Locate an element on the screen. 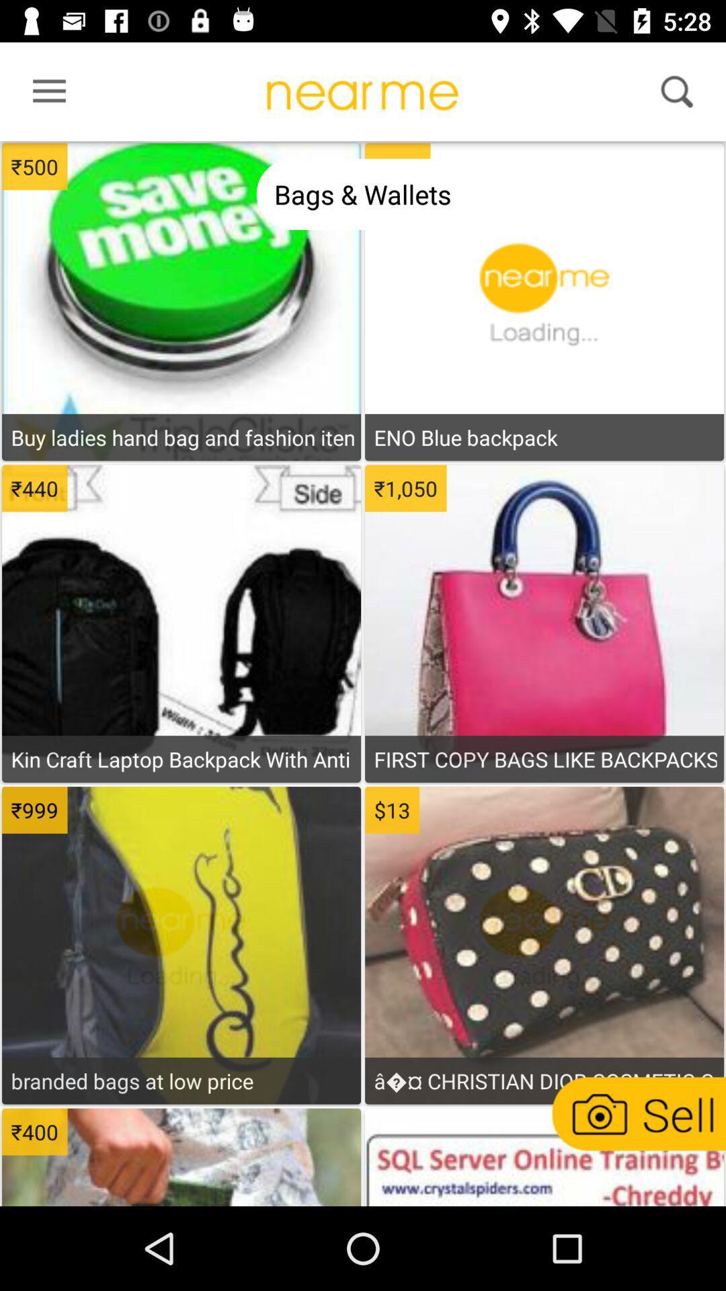  sell your photos is located at coordinates (637, 1113).